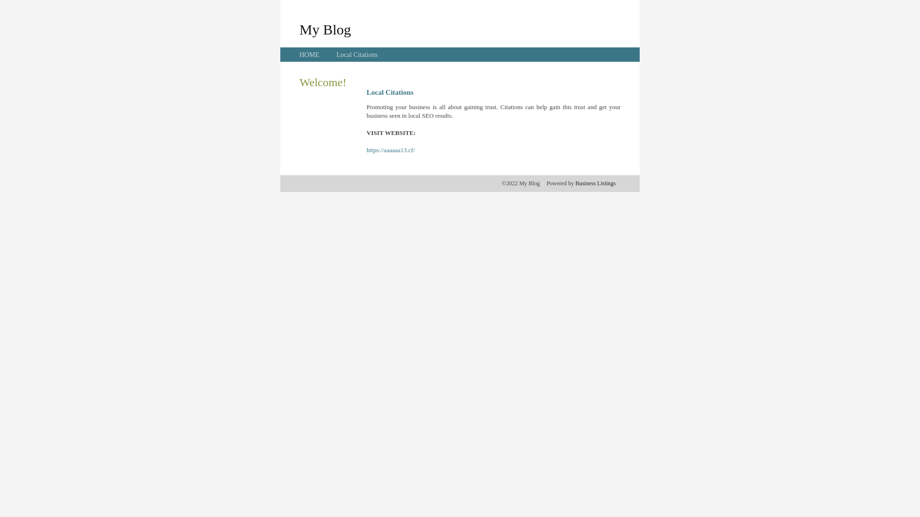 This screenshot has height=517, width=920. I want to click on 'Local Citations', so click(356, 55).